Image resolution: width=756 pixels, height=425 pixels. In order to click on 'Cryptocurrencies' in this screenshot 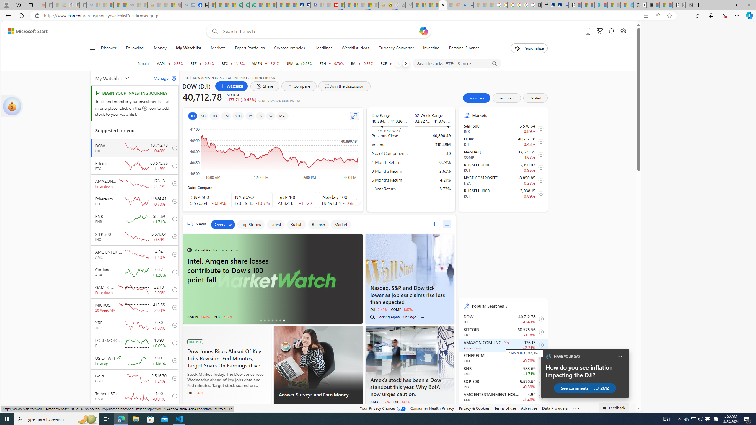, I will do `click(289, 48)`.